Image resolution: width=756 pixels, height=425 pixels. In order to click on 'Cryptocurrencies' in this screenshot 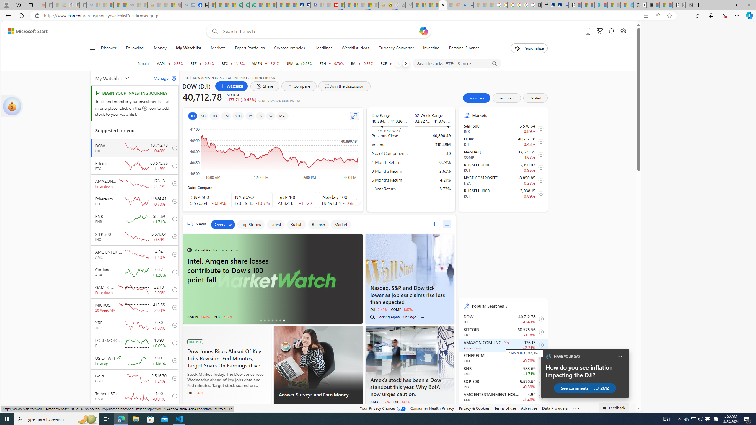, I will do `click(289, 48)`.